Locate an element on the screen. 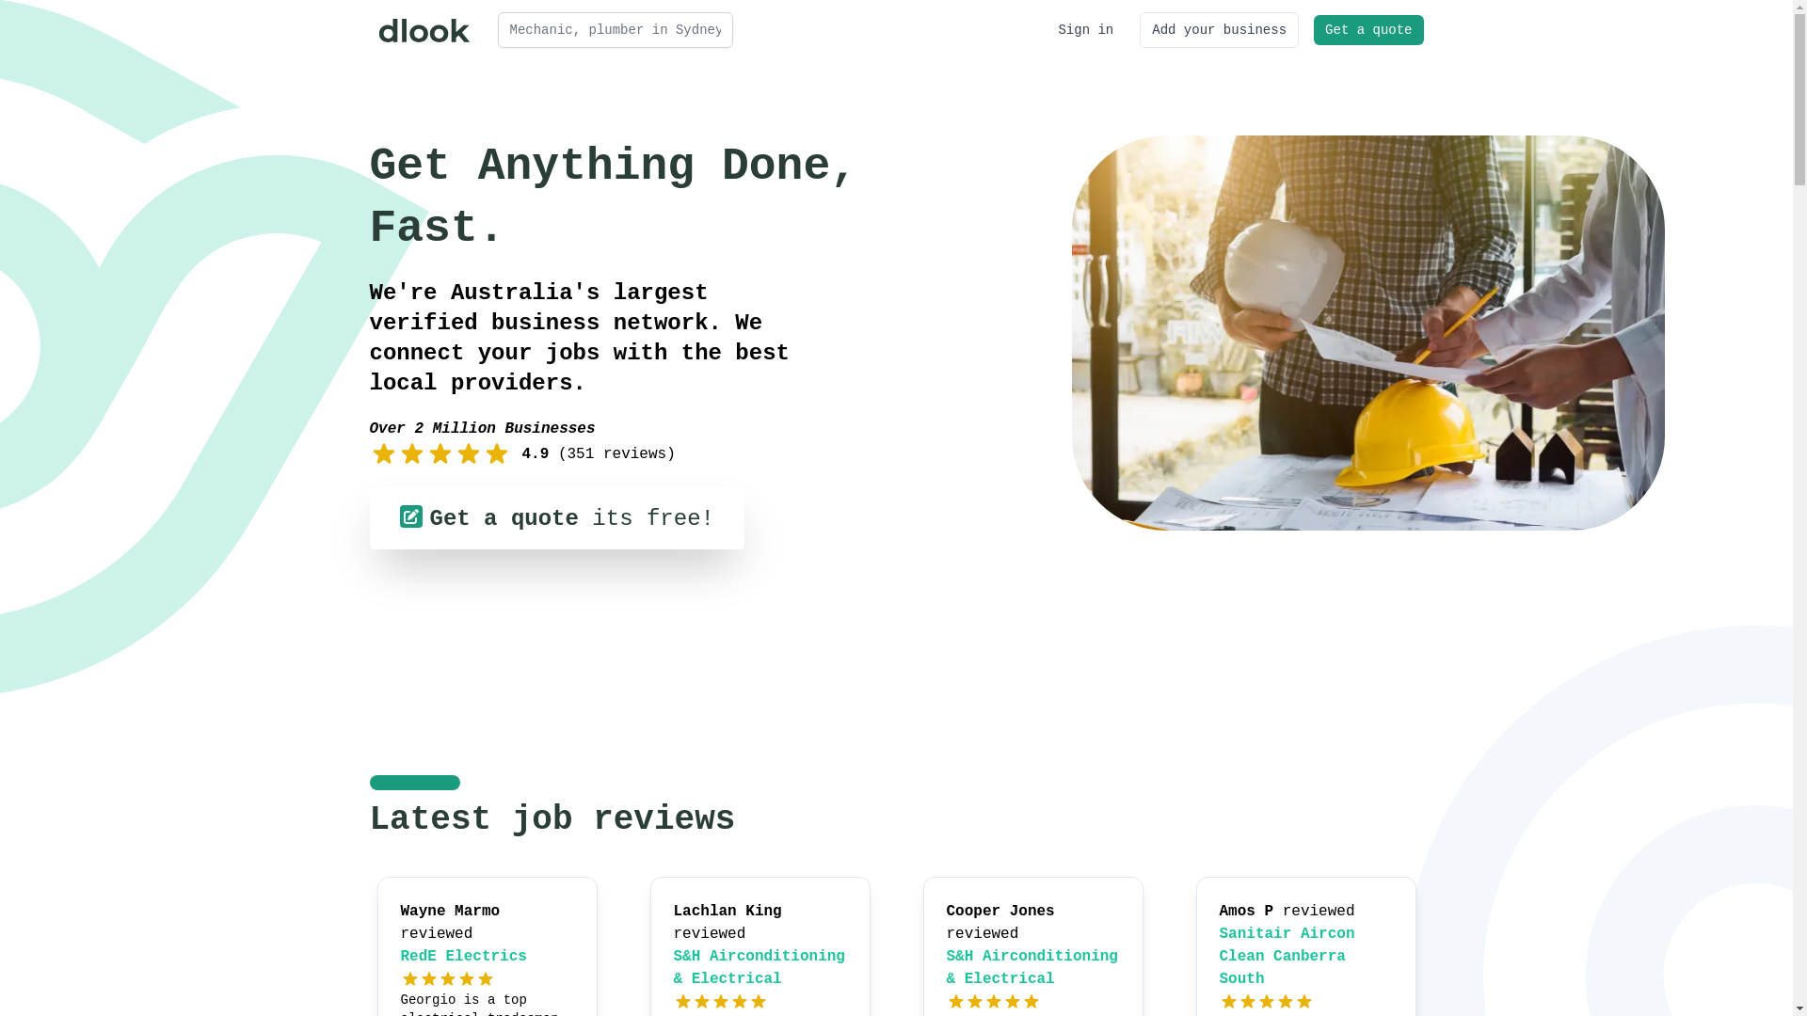 This screenshot has width=1807, height=1016. 'Add your business' is located at coordinates (1138, 29).